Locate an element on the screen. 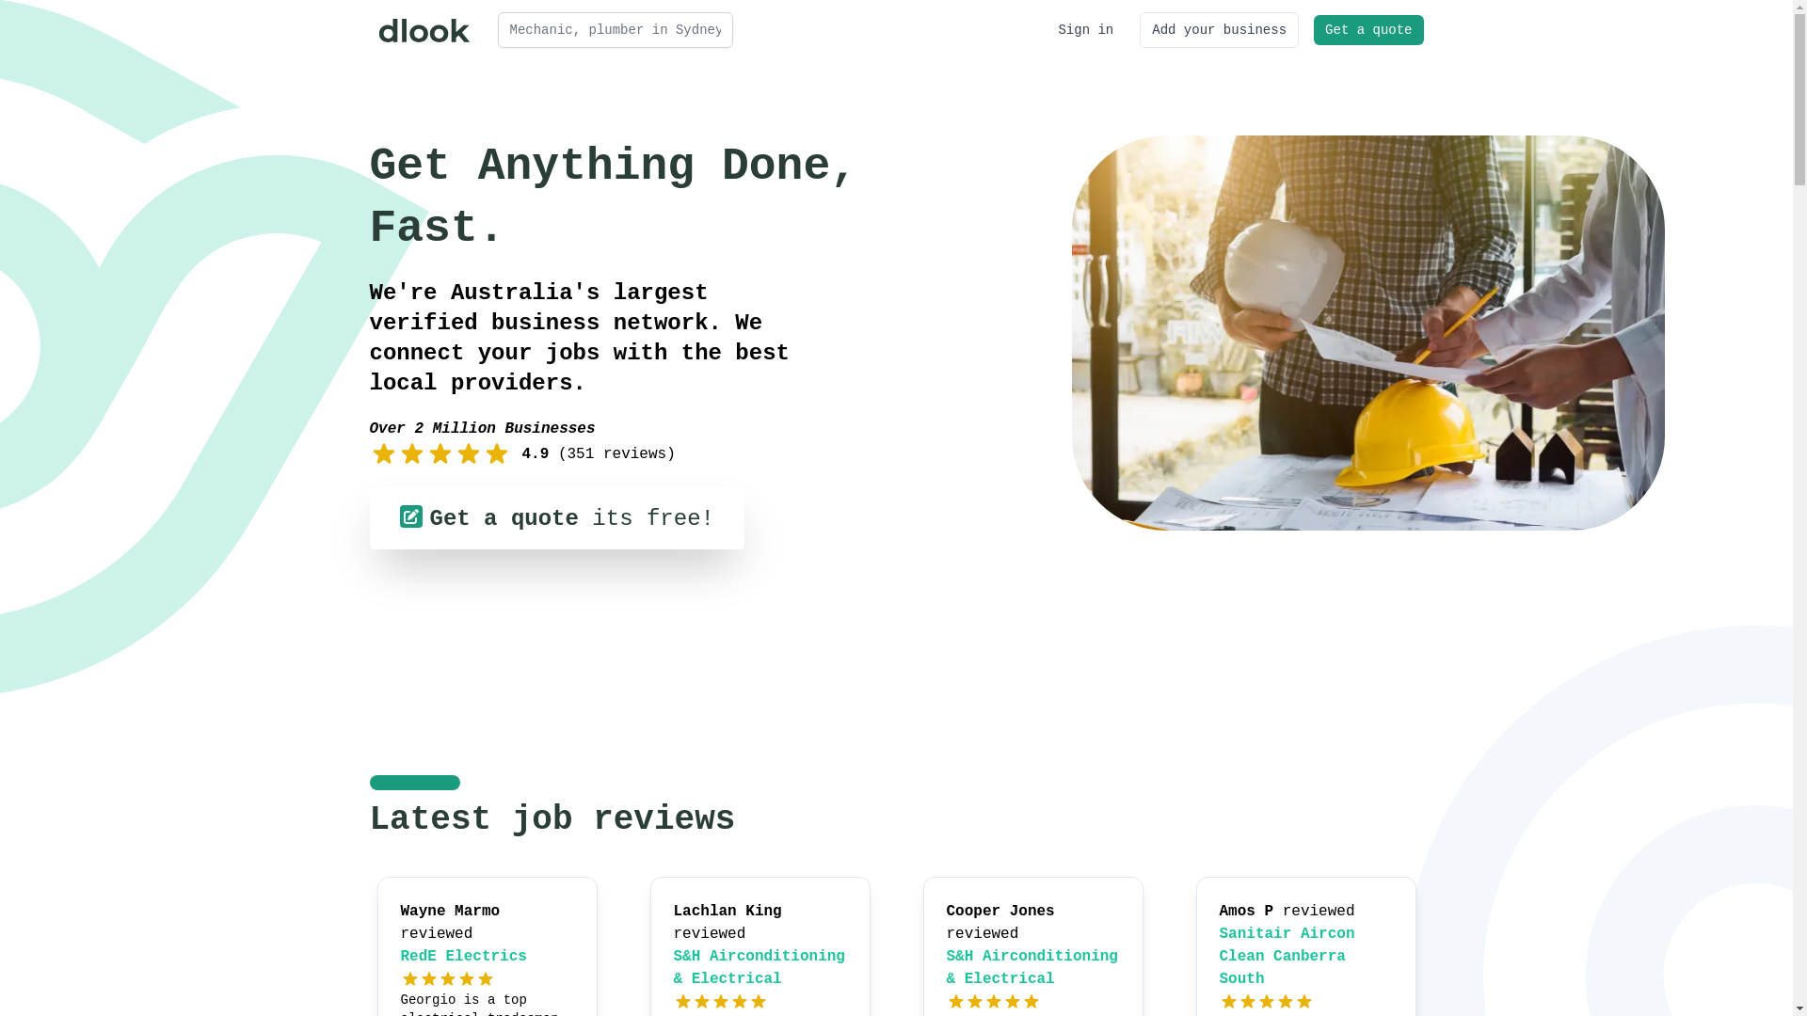 This screenshot has width=1807, height=1016. 'Add your business' is located at coordinates (1138, 29).